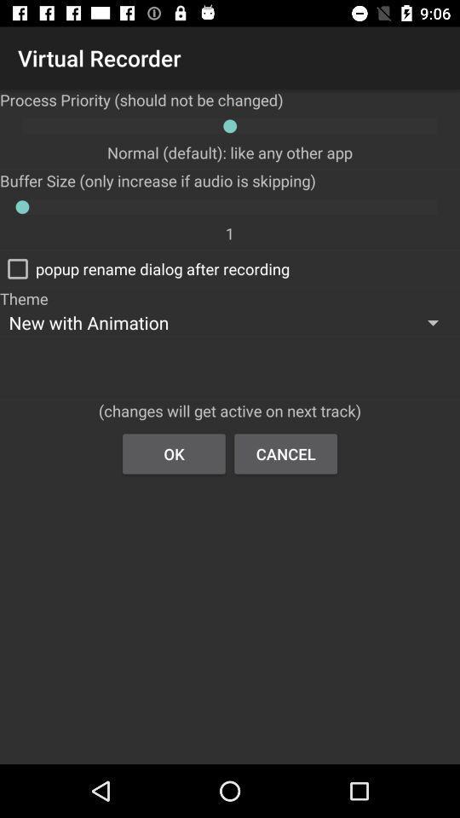  What do you see at coordinates (173, 452) in the screenshot?
I see `icon below the changes will get app` at bounding box center [173, 452].